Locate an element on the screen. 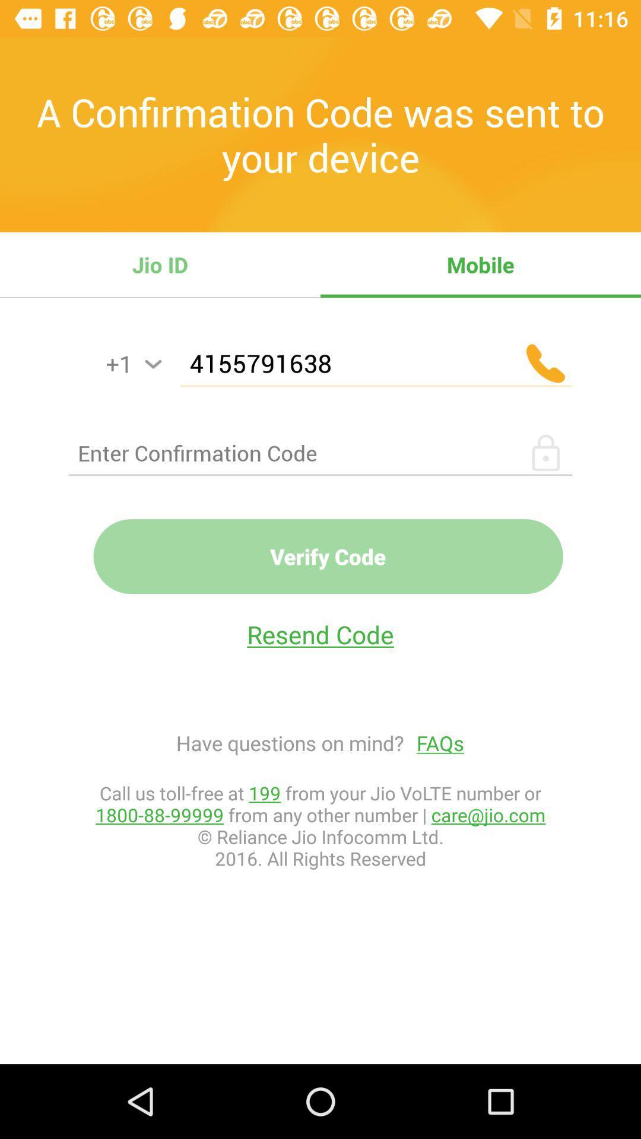  verify code is located at coordinates (328, 556).